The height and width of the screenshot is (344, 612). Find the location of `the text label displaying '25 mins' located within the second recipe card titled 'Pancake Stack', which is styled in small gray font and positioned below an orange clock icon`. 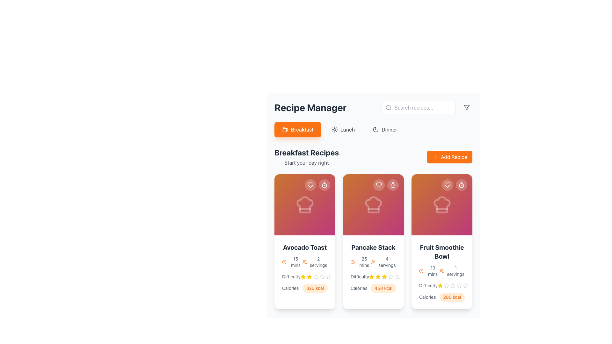

the text label displaying '25 mins' located within the second recipe card titled 'Pancake Stack', which is styled in small gray font and positioned below an orange clock icon is located at coordinates (364, 262).